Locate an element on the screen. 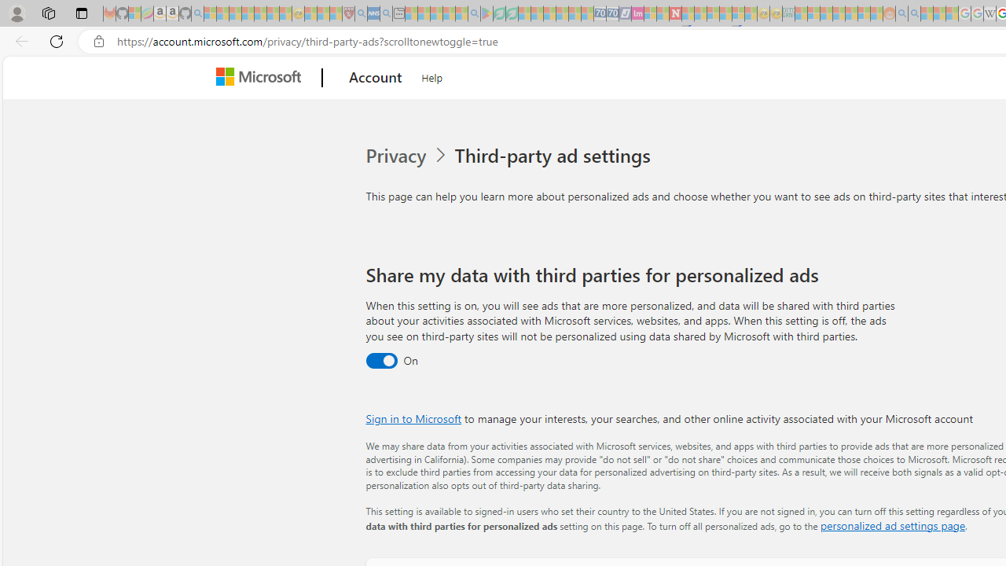  'Account' is located at coordinates (375, 78).